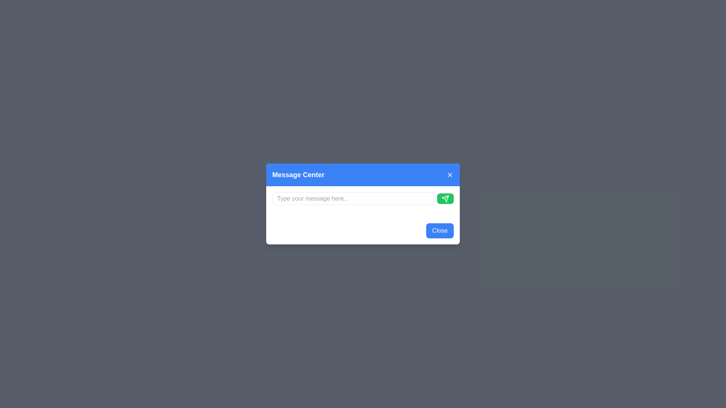 The height and width of the screenshot is (408, 726). Describe the element at coordinates (445, 198) in the screenshot. I see `the green button with a white paper plane icon located at the far-right side of the 'Message Center' modal` at that location.